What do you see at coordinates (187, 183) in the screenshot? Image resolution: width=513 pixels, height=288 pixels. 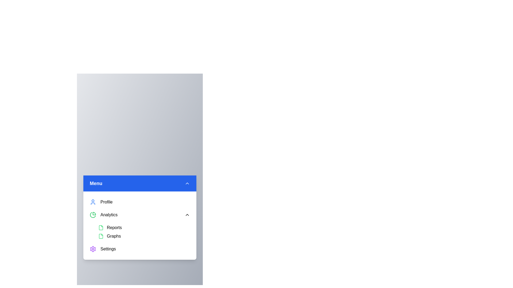 I see `the Toggle button (icon-based) represented by an up-chevron` at bounding box center [187, 183].